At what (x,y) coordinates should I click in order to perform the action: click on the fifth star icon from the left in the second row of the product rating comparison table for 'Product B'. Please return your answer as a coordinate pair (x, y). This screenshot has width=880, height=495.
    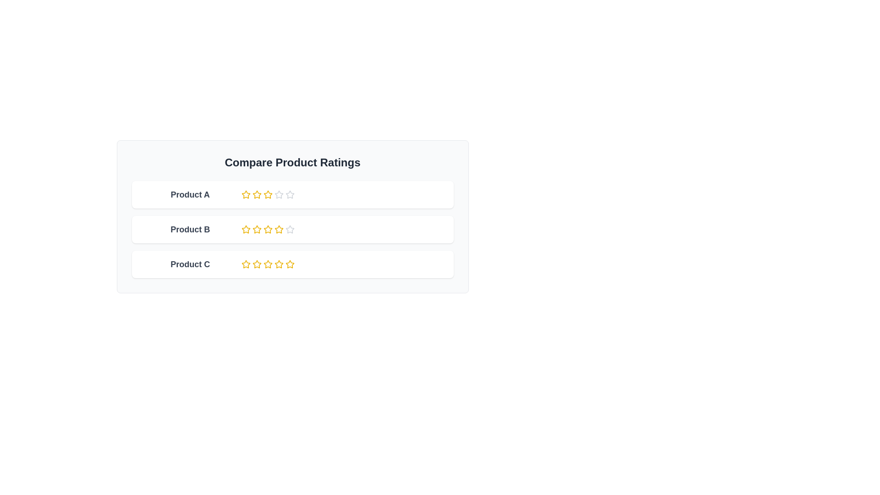
    Looking at the image, I should click on (267, 229).